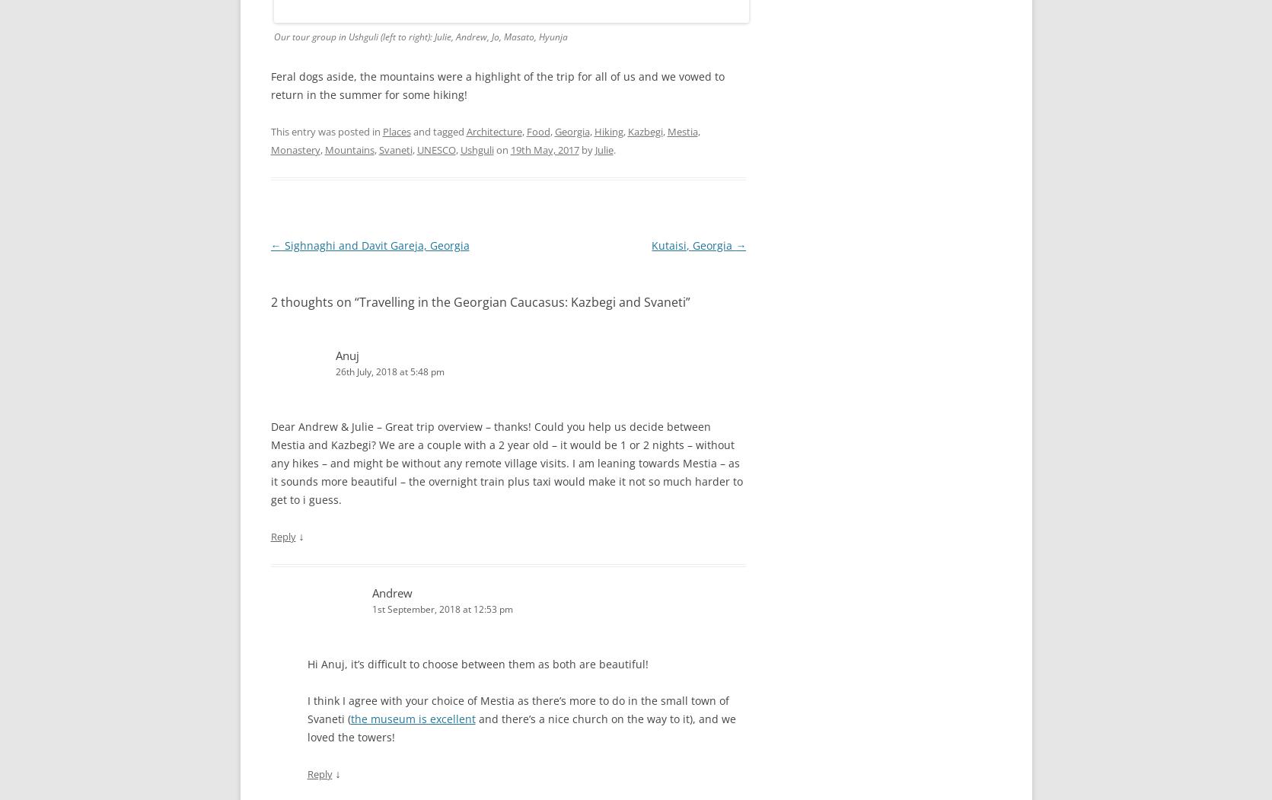 Image resolution: width=1272 pixels, height=800 pixels. What do you see at coordinates (438, 131) in the screenshot?
I see `'and tagged'` at bounding box center [438, 131].